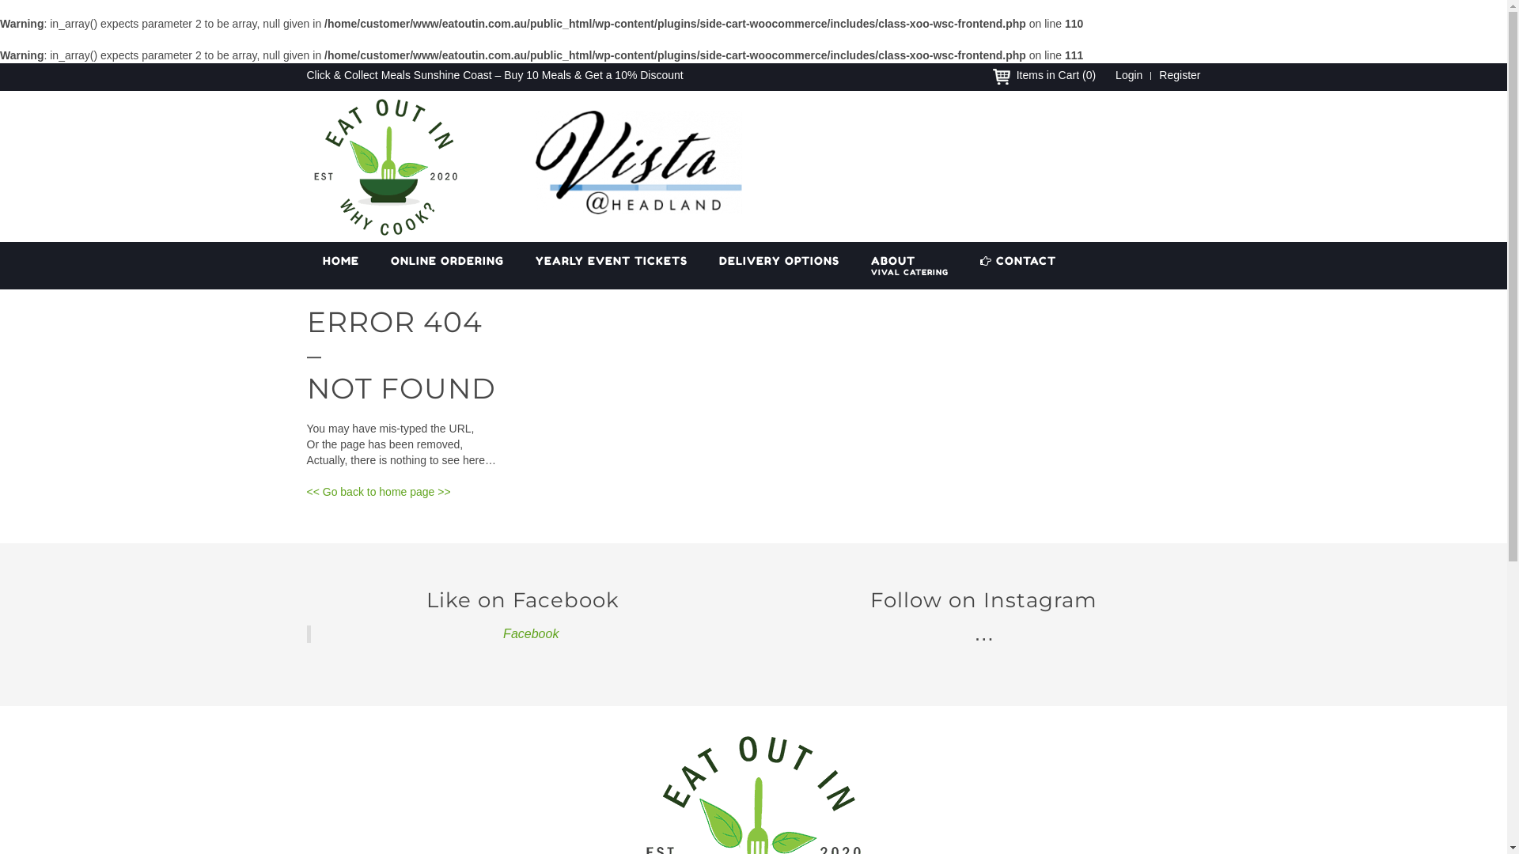 This screenshot has width=1519, height=854. What do you see at coordinates (502, 633) in the screenshot?
I see `'Facebook'` at bounding box center [502, 633].